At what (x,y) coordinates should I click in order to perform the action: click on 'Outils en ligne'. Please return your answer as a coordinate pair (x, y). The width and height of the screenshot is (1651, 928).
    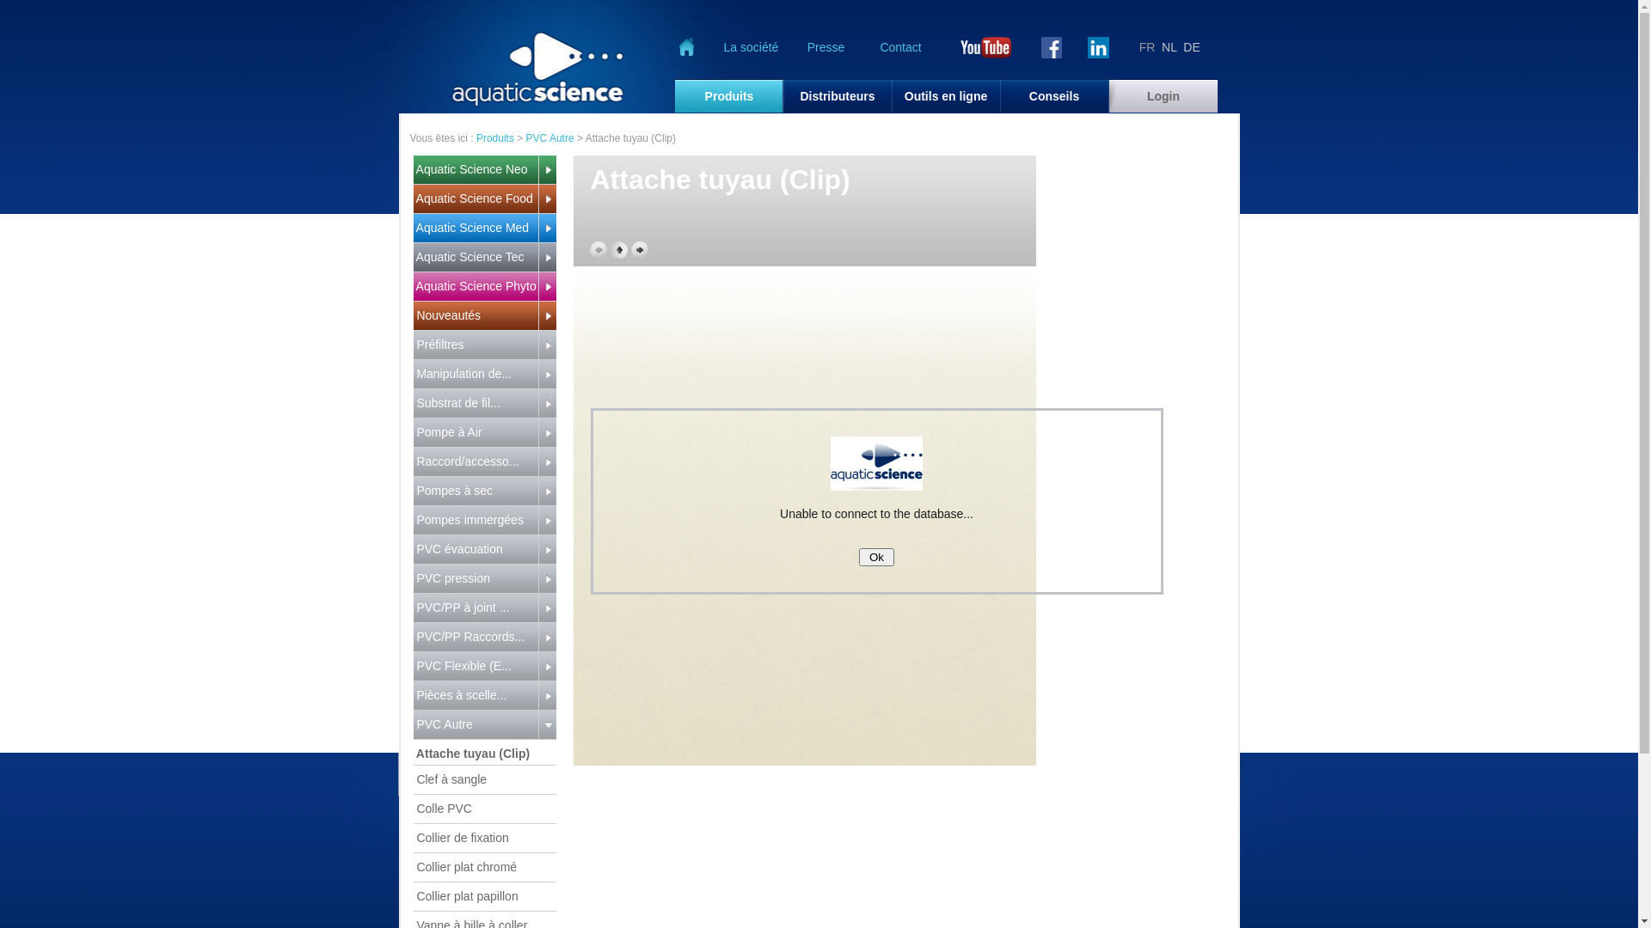
    Looking at the image, I should click on (944, 95).